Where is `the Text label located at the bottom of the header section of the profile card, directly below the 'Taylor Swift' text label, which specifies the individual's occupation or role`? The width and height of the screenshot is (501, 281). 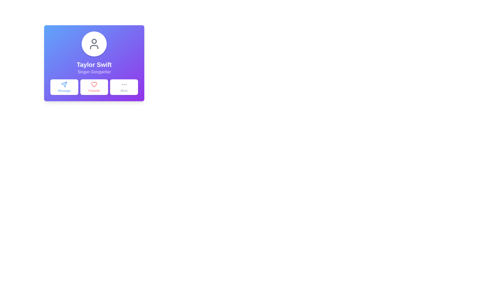 the Text label located at the bottom of the header section of the profile card, directly below the 'Taylor Swift' text label, which specifies the individual's occupation or role is located at coordinates (94, 72).